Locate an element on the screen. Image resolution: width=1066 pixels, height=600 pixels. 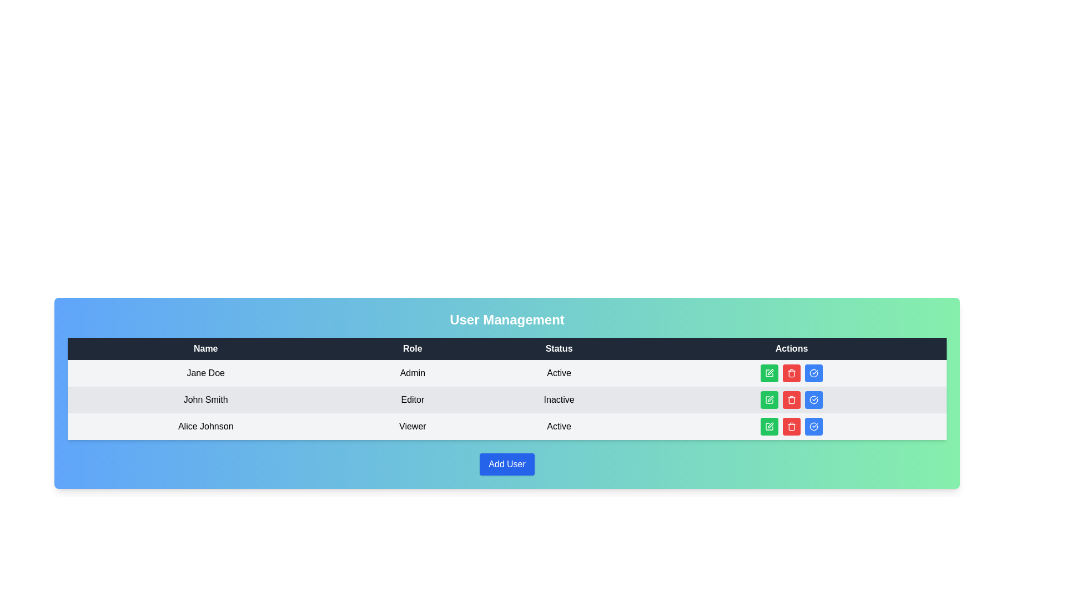
the confirmation button with a blue background and white checkmark icon in the Actions column of the user management table is located at coordinates (813, 373).